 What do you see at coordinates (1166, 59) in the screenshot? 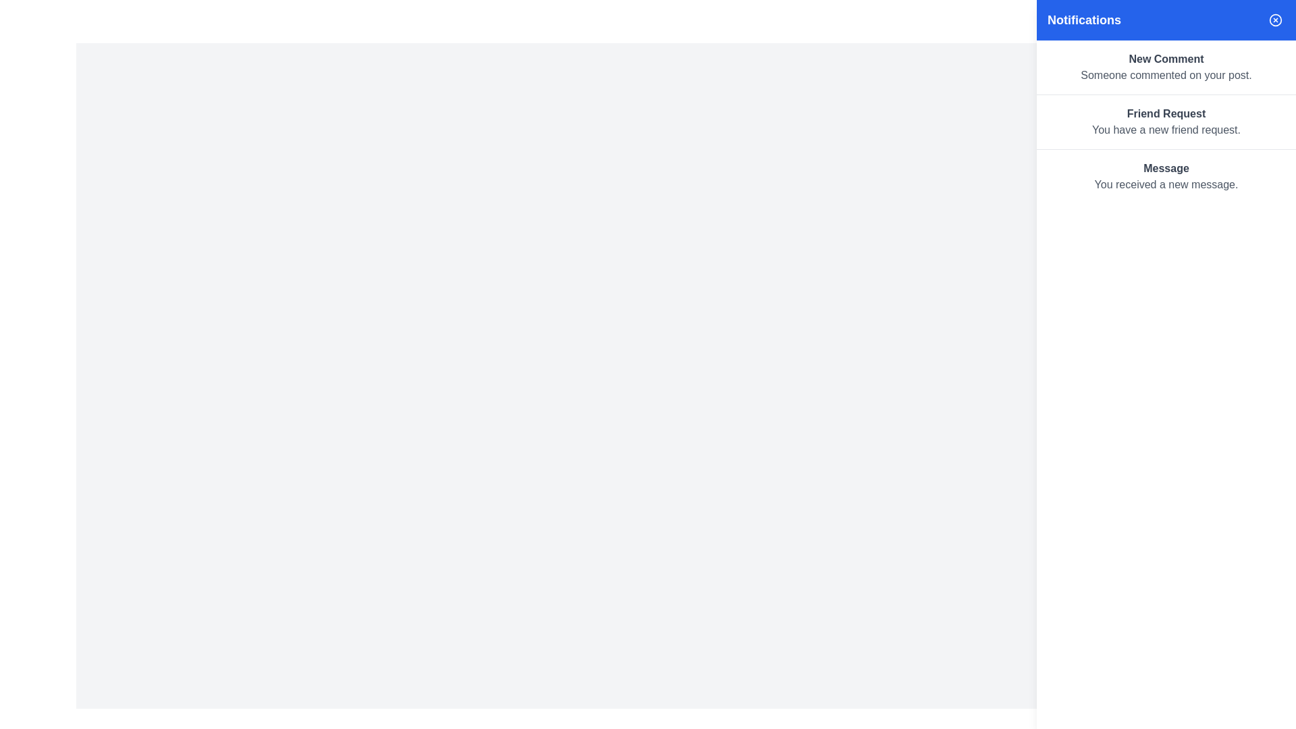
I see `the 'New Comment' text label in the top-left area of the notifications section to interact with the notification` at bounding box center [1166, 59].